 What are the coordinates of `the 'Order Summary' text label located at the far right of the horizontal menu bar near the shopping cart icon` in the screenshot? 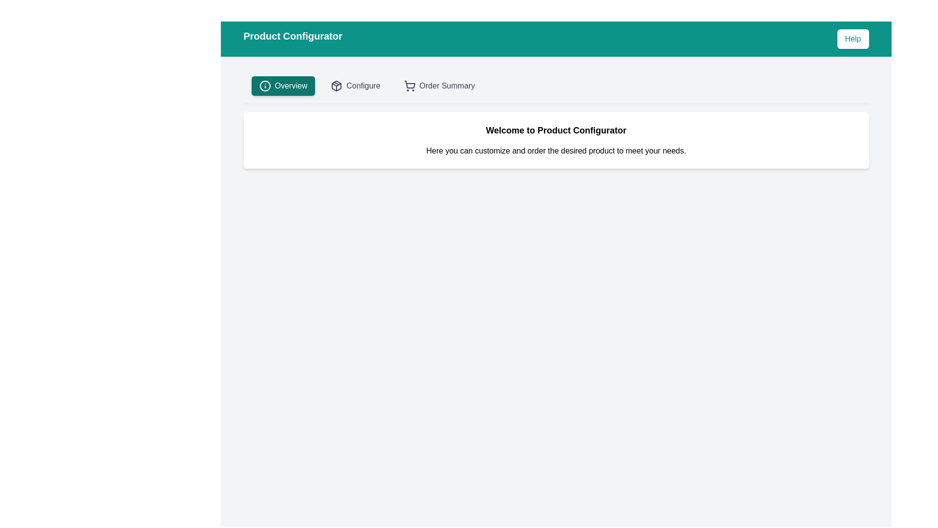 It's located at (447, 86).